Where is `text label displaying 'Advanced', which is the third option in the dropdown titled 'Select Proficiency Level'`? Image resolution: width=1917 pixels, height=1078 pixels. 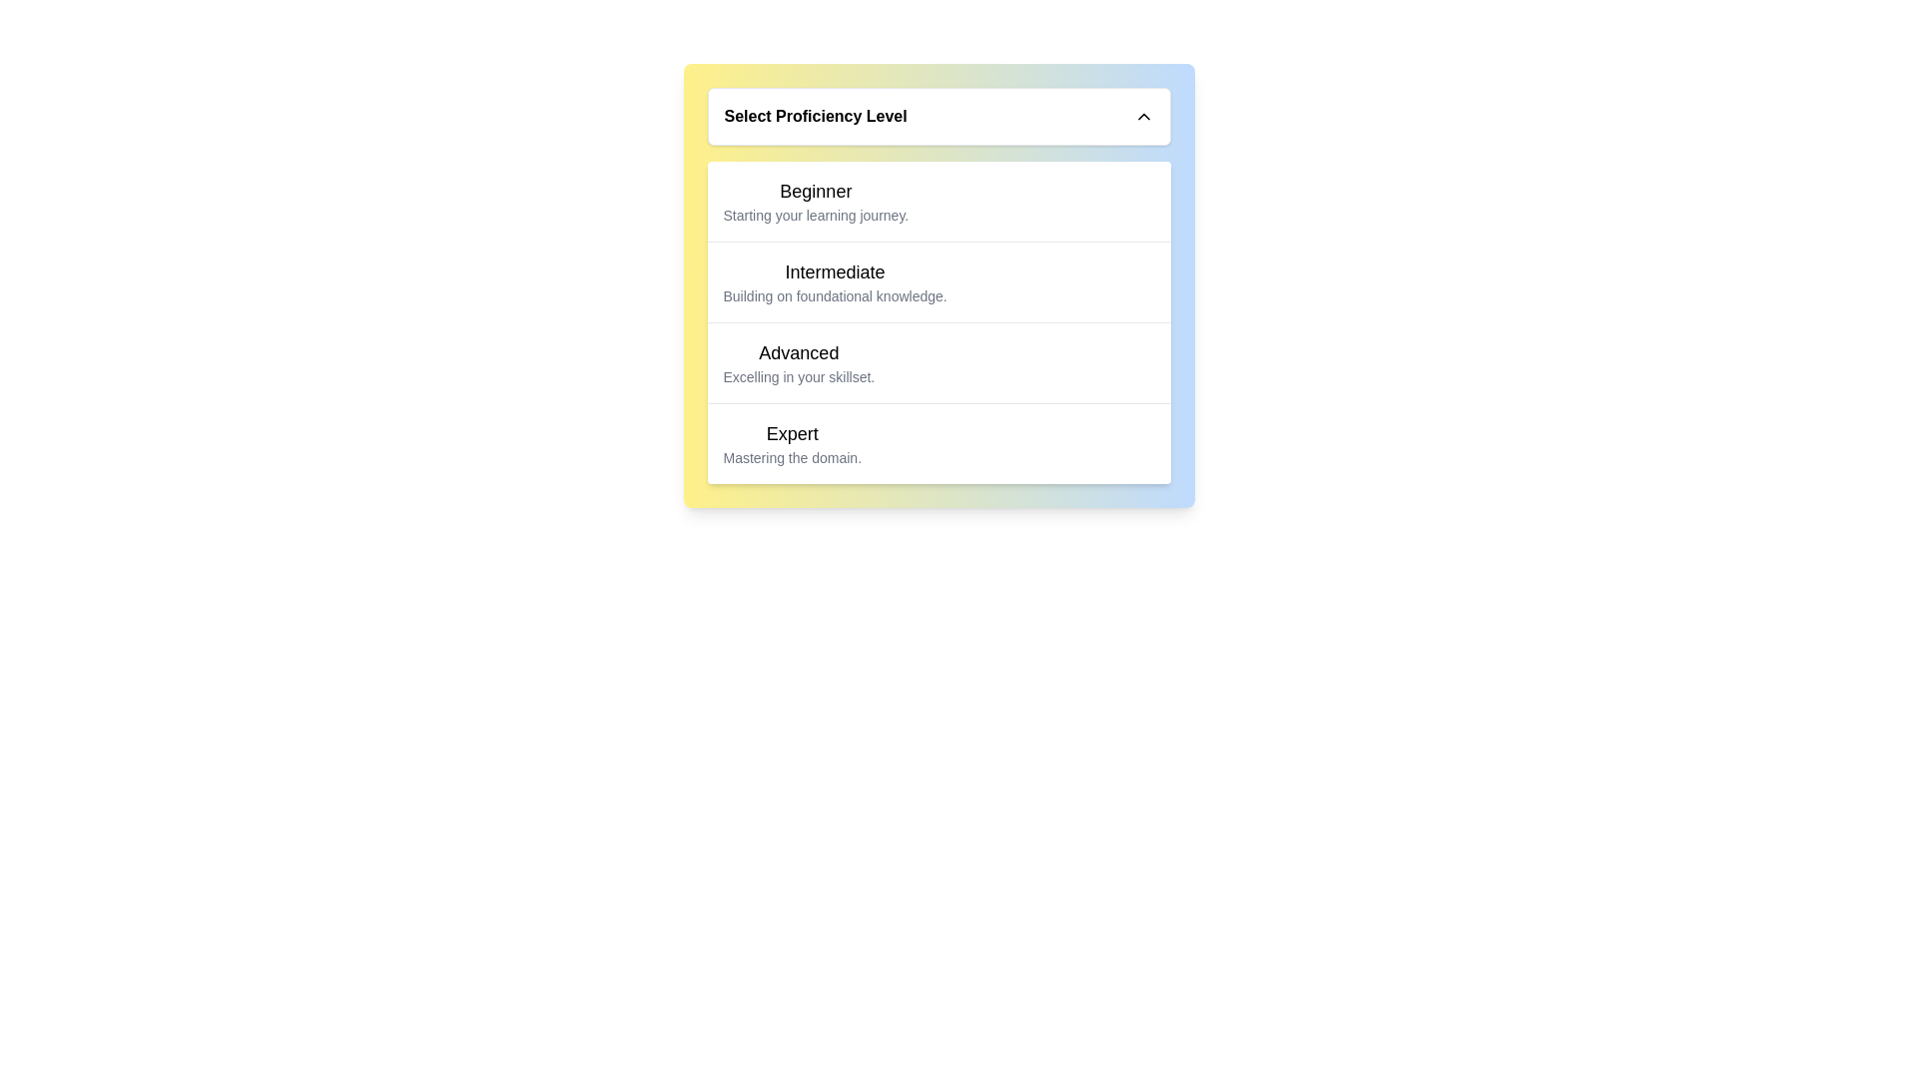
text label displaying 'Advanced', which is the third option in the dropdown titled 'Select Proficiency Level' is located at coordinates (799, 352).